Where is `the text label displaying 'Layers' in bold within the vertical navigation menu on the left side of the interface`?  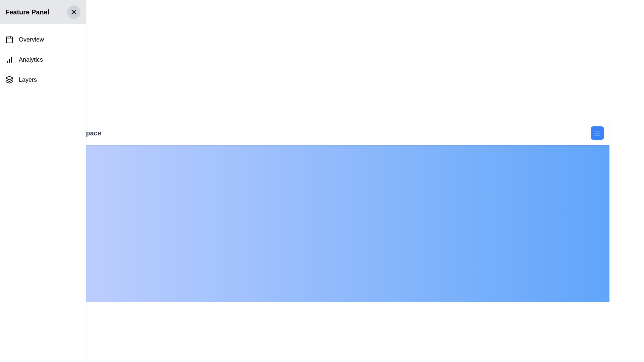
the text label displaying 'Layers' in bold within the vertical navigation menu on the left side of the interface is located at coordinates (27, 79).